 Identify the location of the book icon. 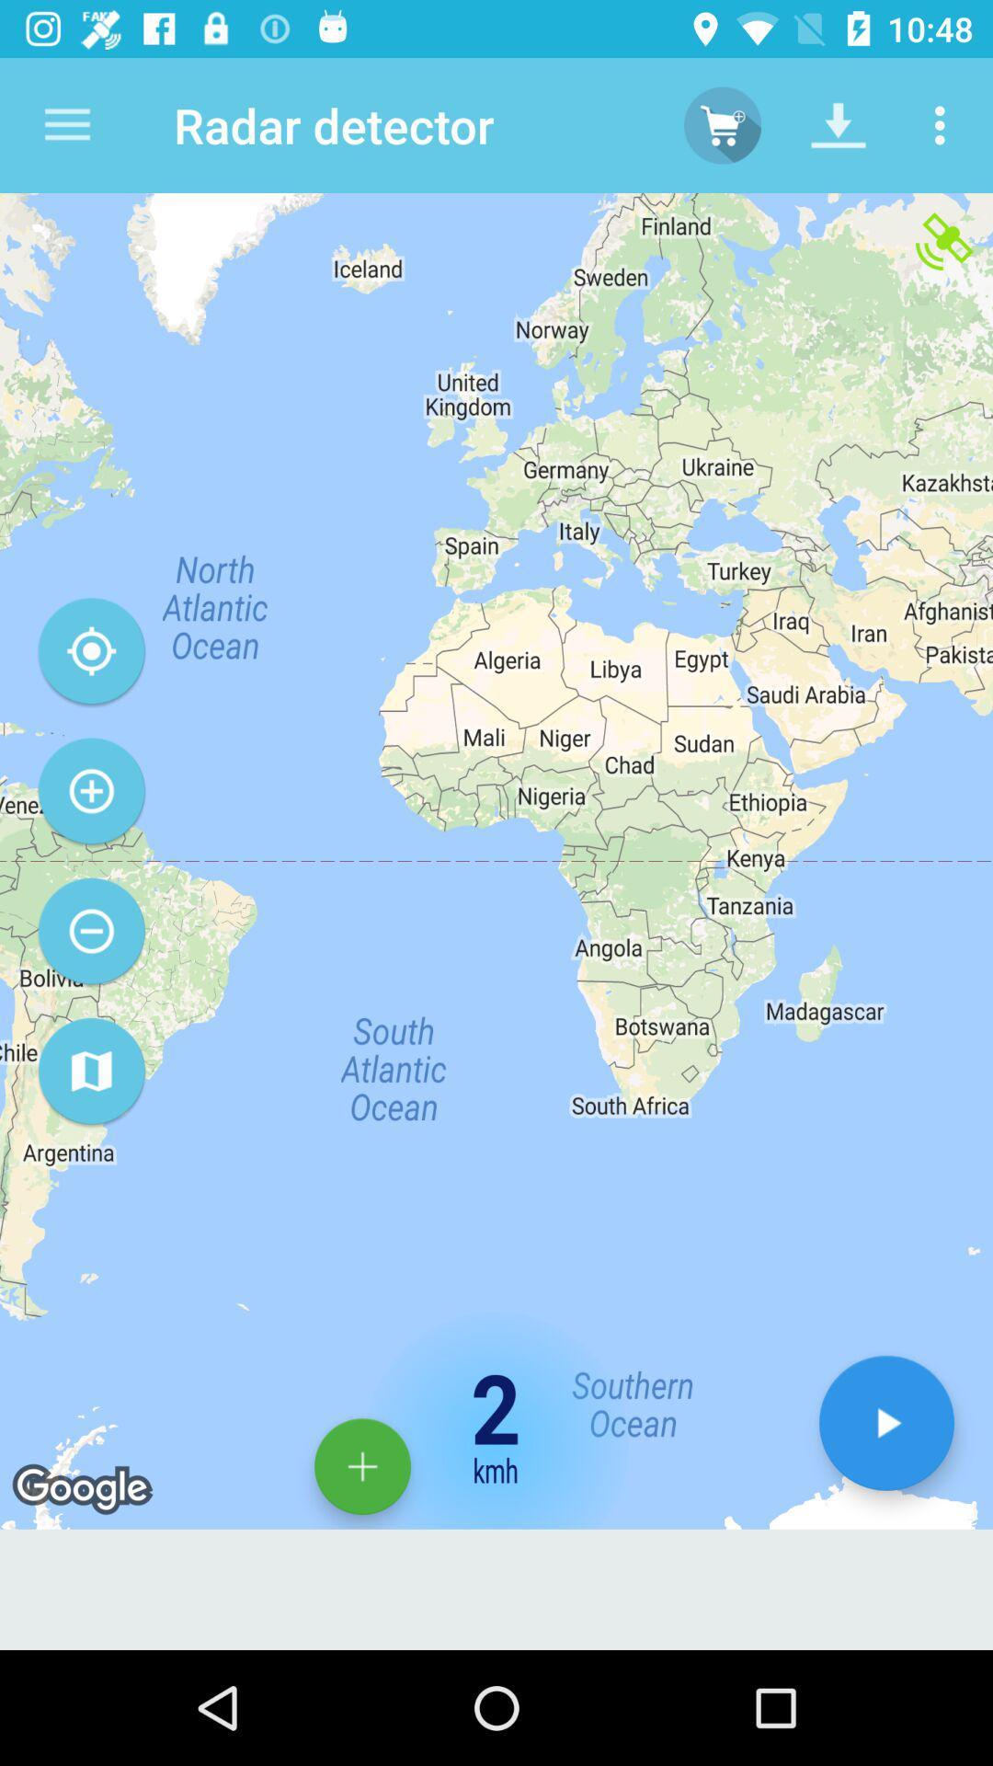
(91, 1071).